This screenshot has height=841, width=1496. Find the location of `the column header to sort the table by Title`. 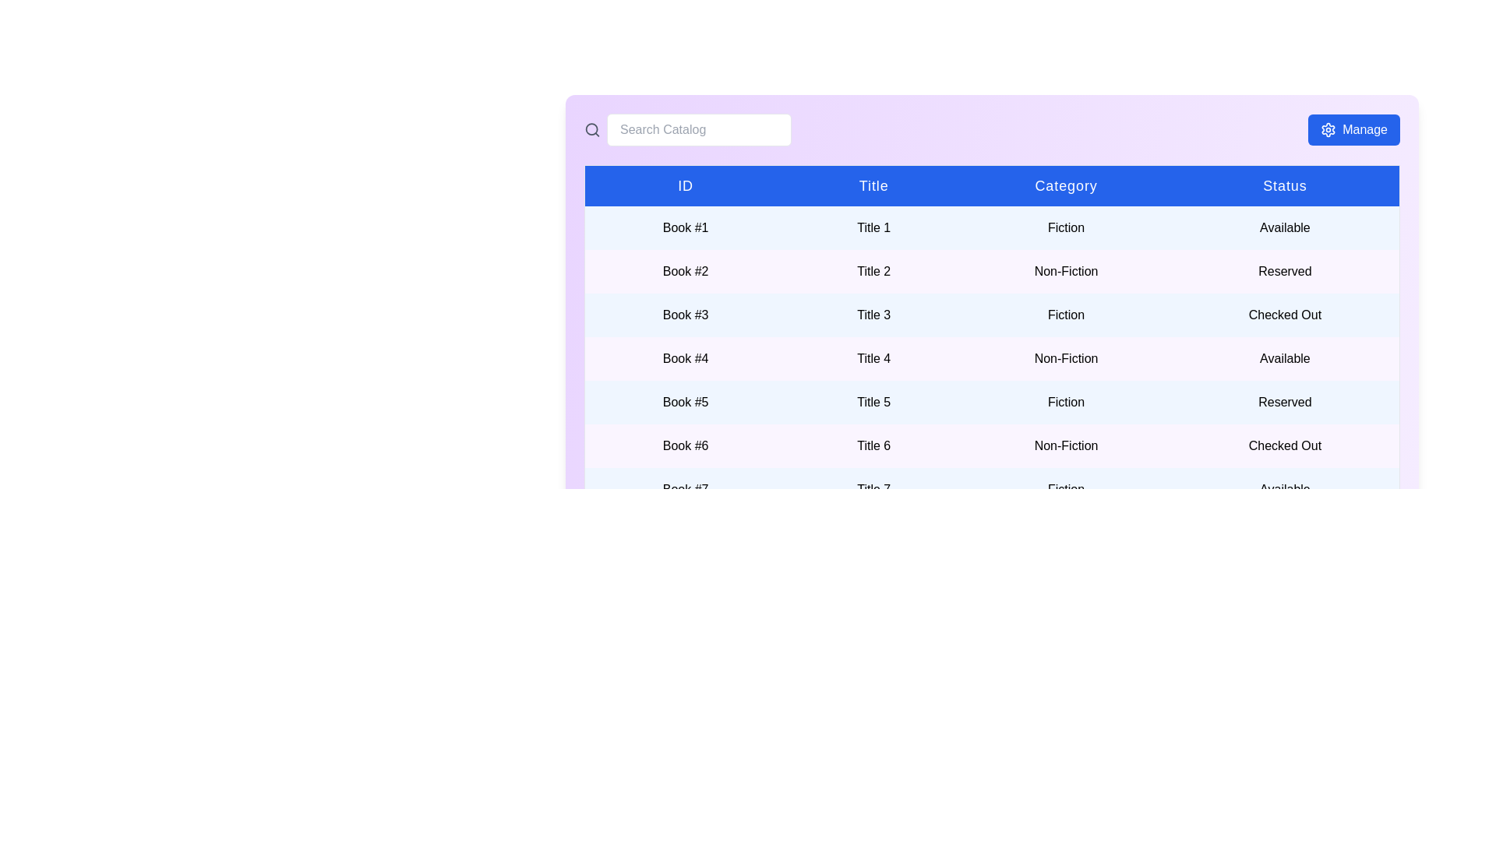

the column header to sort the table by Title is located at coordinates (873, 185).